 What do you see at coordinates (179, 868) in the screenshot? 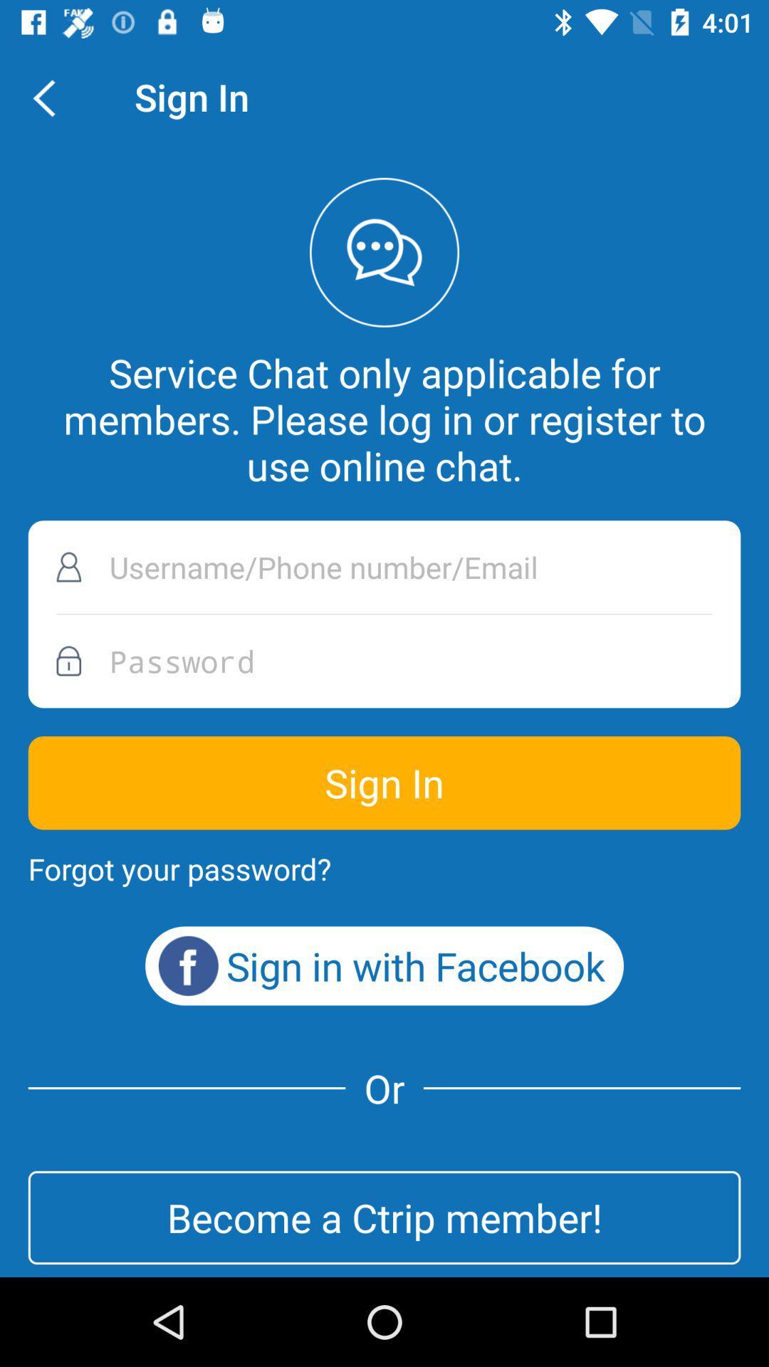
I see `forgot your password? on the left` at bounding box center [179, 868].